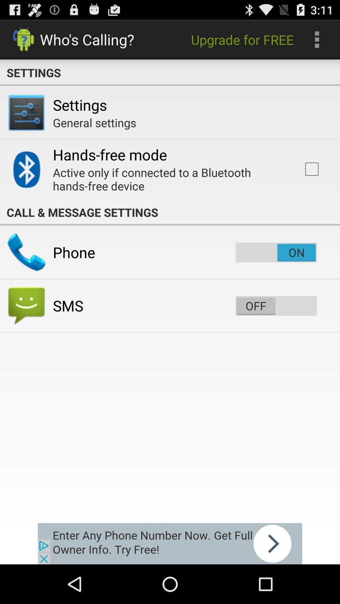 This screenshot has width=340, height=604. Describe the element at coordinates (276, 305) in the screenshot. I see `on off` at that location.